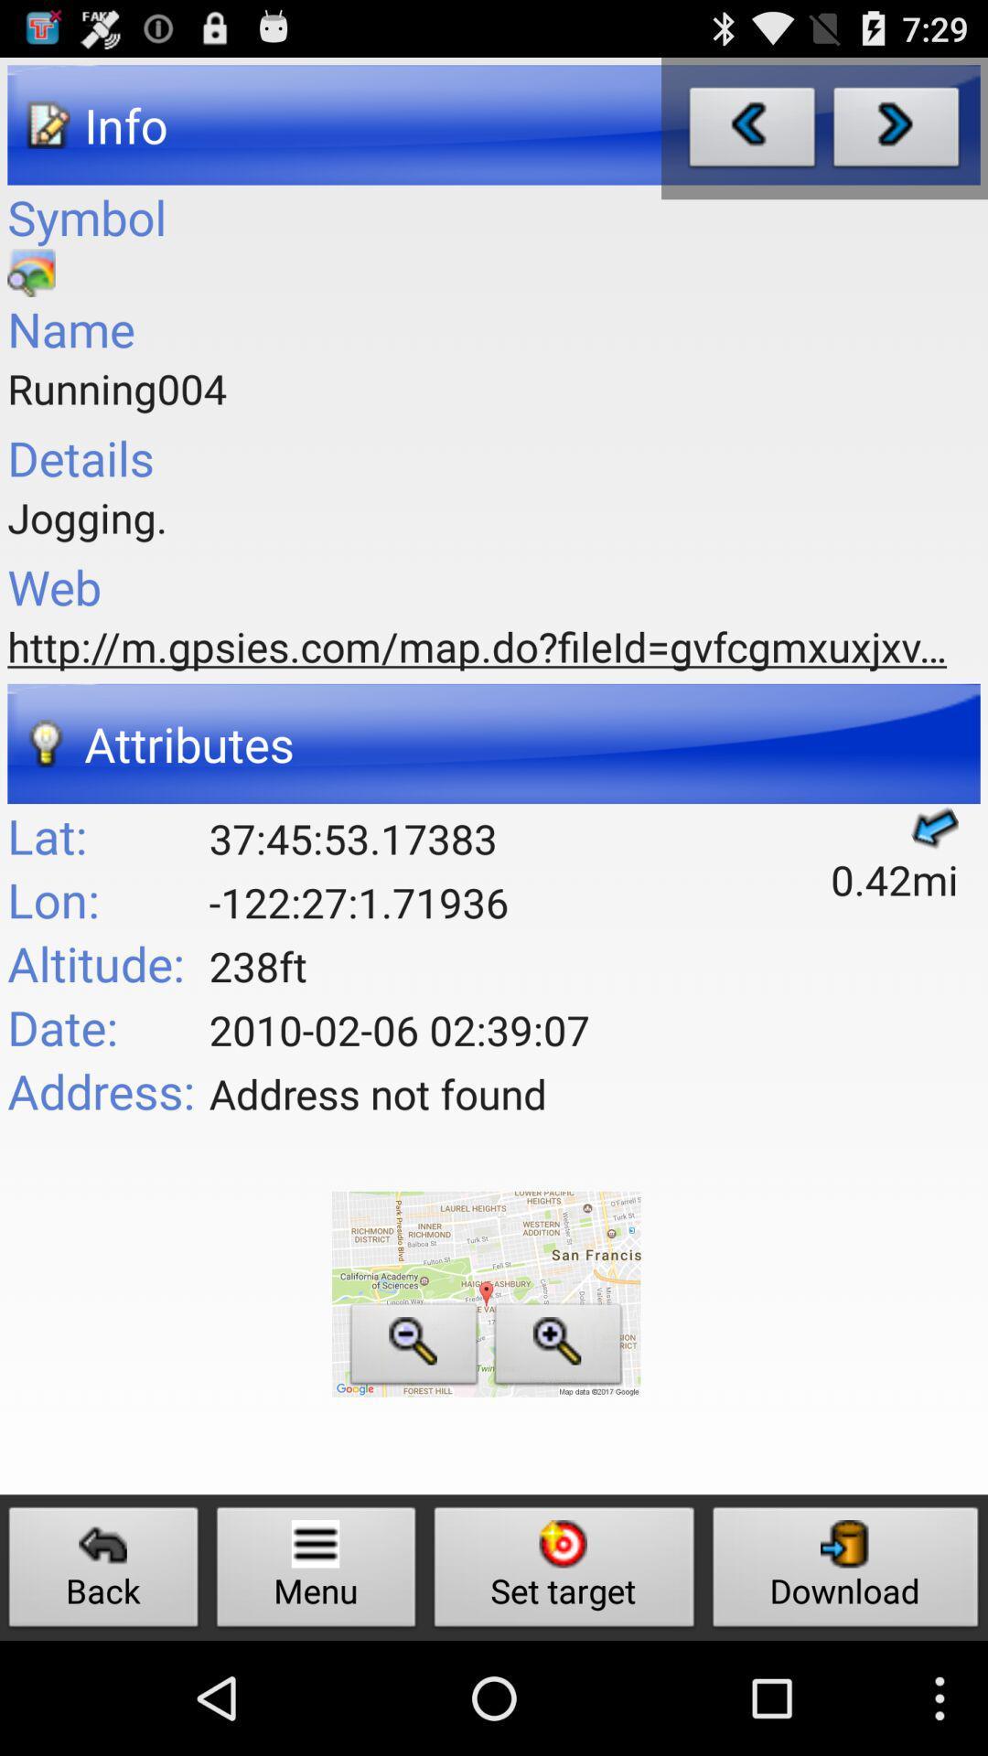 This screenshot has height=1756, width=988. Describe the element at coordinates (103, 1571) in the screenshot. I see `the icon next to the menu button` at that location.